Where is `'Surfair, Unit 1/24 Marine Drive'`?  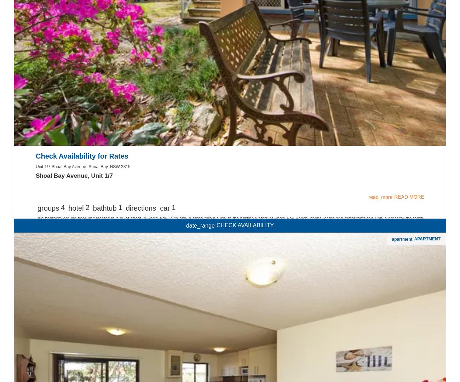 'Surfair, Unit 1/24 Marine Drive' is located at coordinates (36, 267).